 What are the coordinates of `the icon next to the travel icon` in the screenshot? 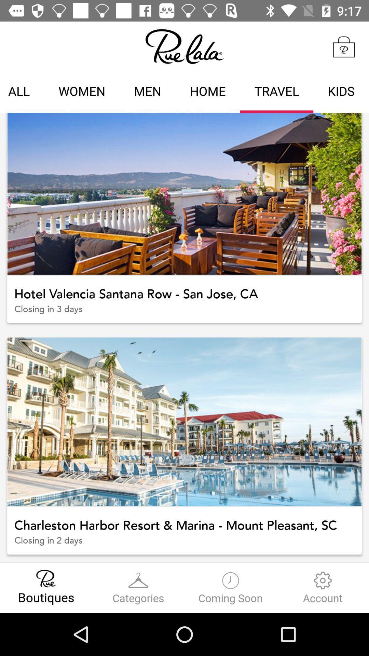 It's located at (207, 92).